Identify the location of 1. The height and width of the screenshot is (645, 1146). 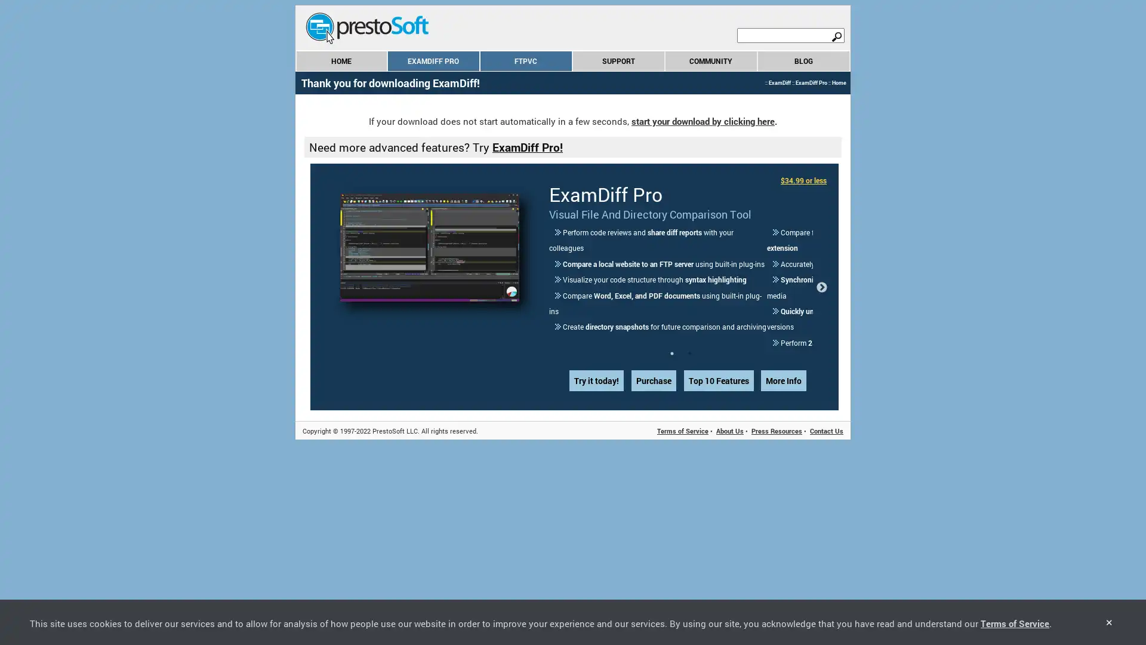
(672, 305).